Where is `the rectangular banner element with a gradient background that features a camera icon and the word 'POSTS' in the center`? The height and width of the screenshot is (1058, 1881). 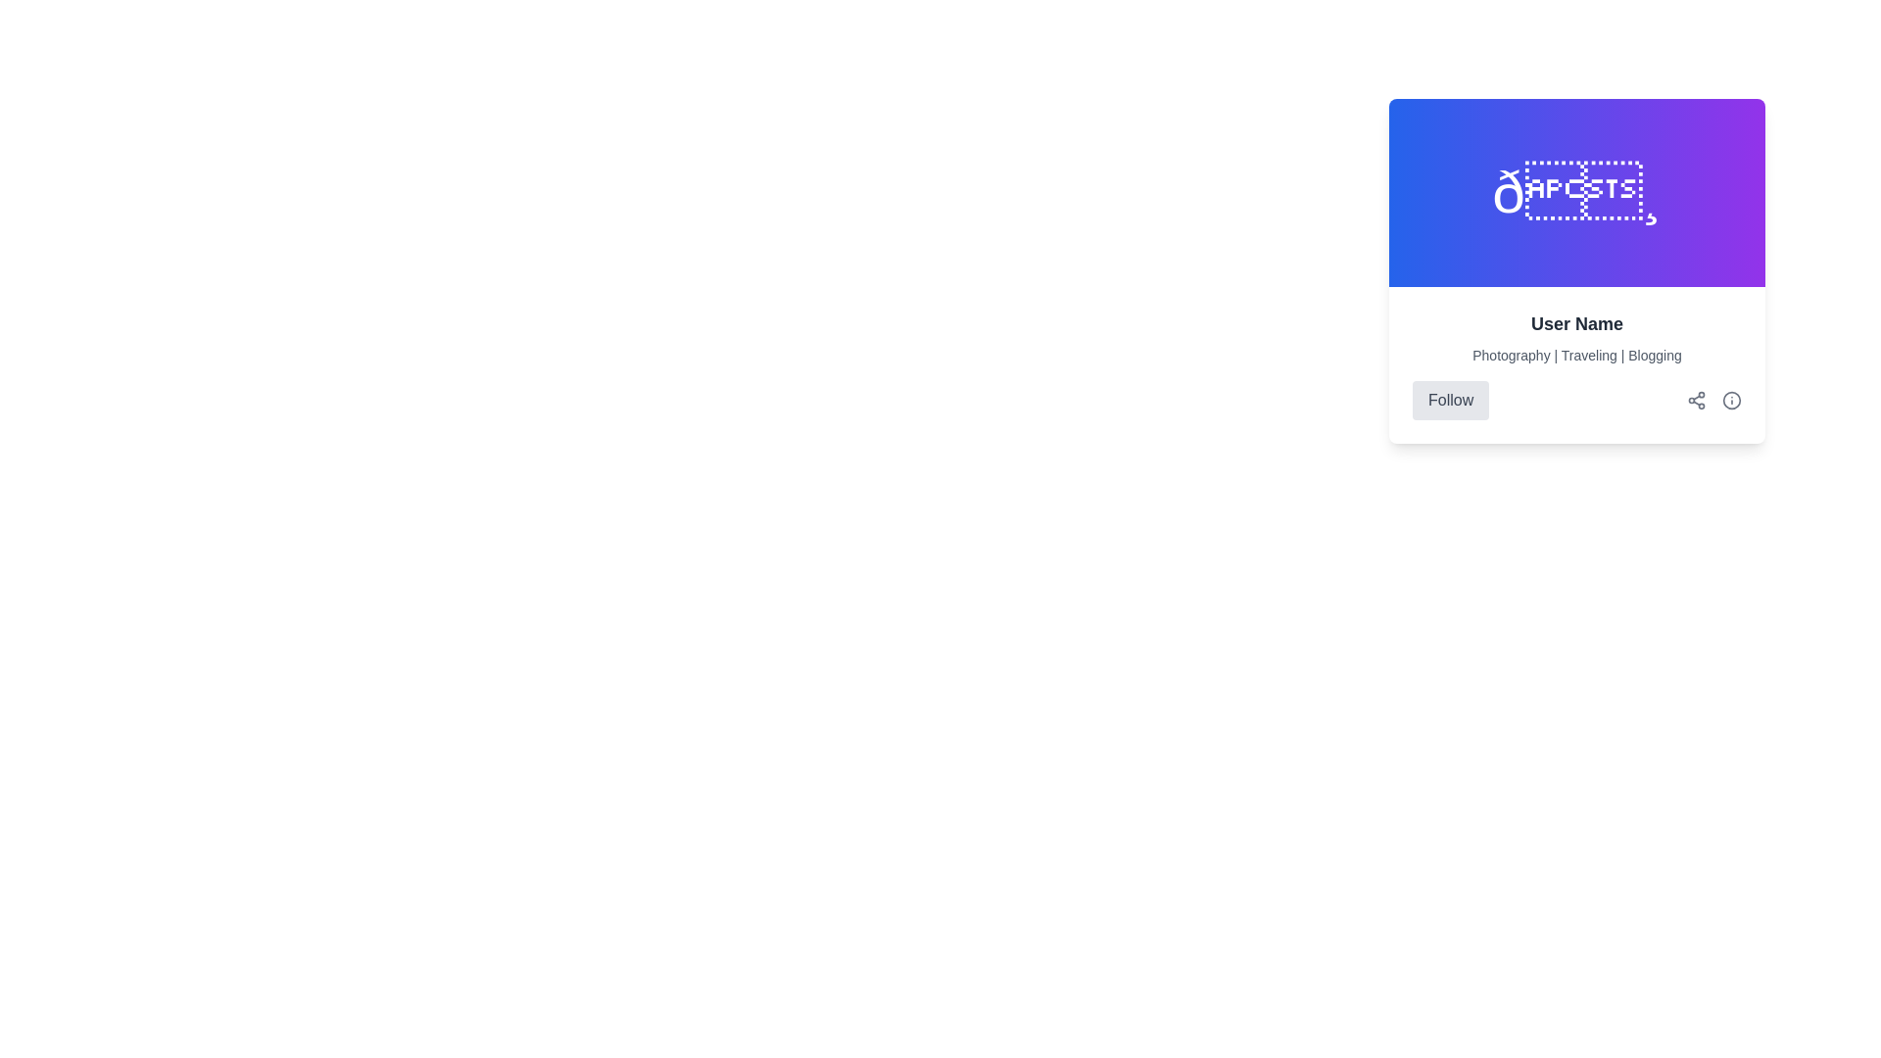
the rectangular banner element with a gradient background that features a camera icon and the word 'POSTS' in the center is located at coordinates (1576, 192).